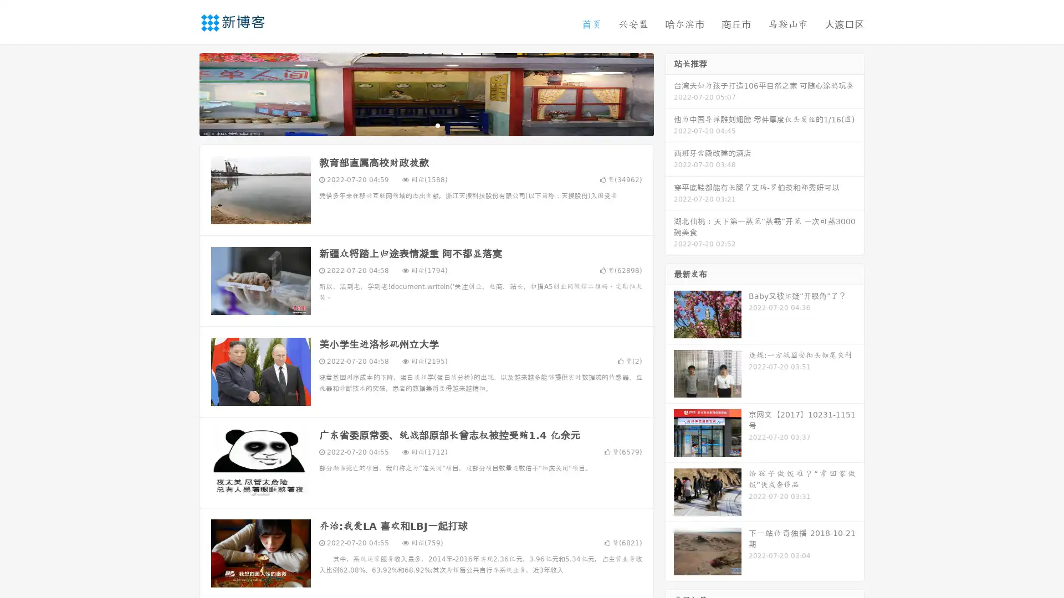 The height and width of the screenshot is (598, 1064). What do you see at coordinates (669, 93) in the screenshot?
I see `Next slide` at bounding box center [669, 93].